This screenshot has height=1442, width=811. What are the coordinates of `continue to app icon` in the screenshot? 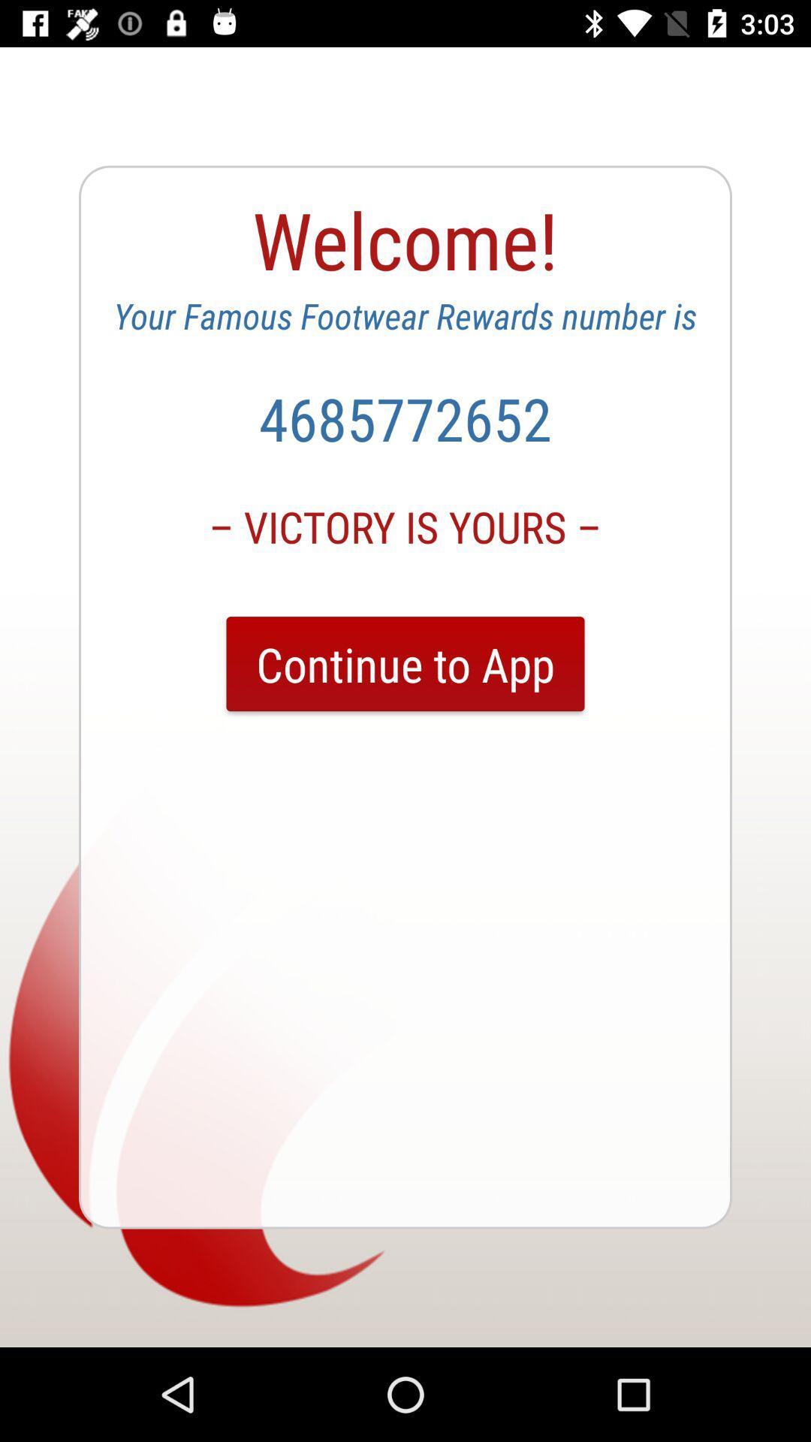 It's located at (405, 663).